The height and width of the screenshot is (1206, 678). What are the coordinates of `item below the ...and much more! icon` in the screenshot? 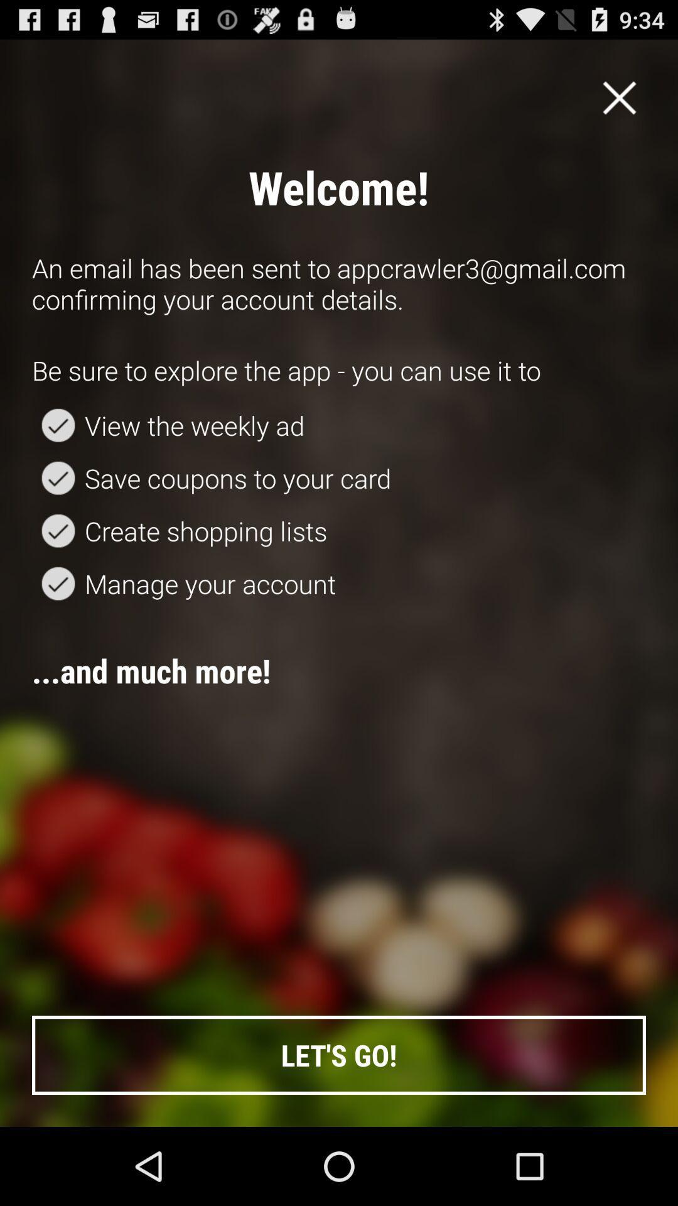 It's located at (339, 1055).